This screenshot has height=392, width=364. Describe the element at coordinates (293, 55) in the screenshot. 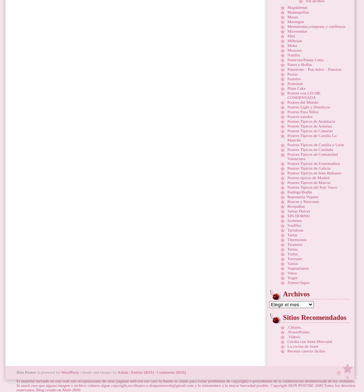

I see `'Natillas'` at that location.